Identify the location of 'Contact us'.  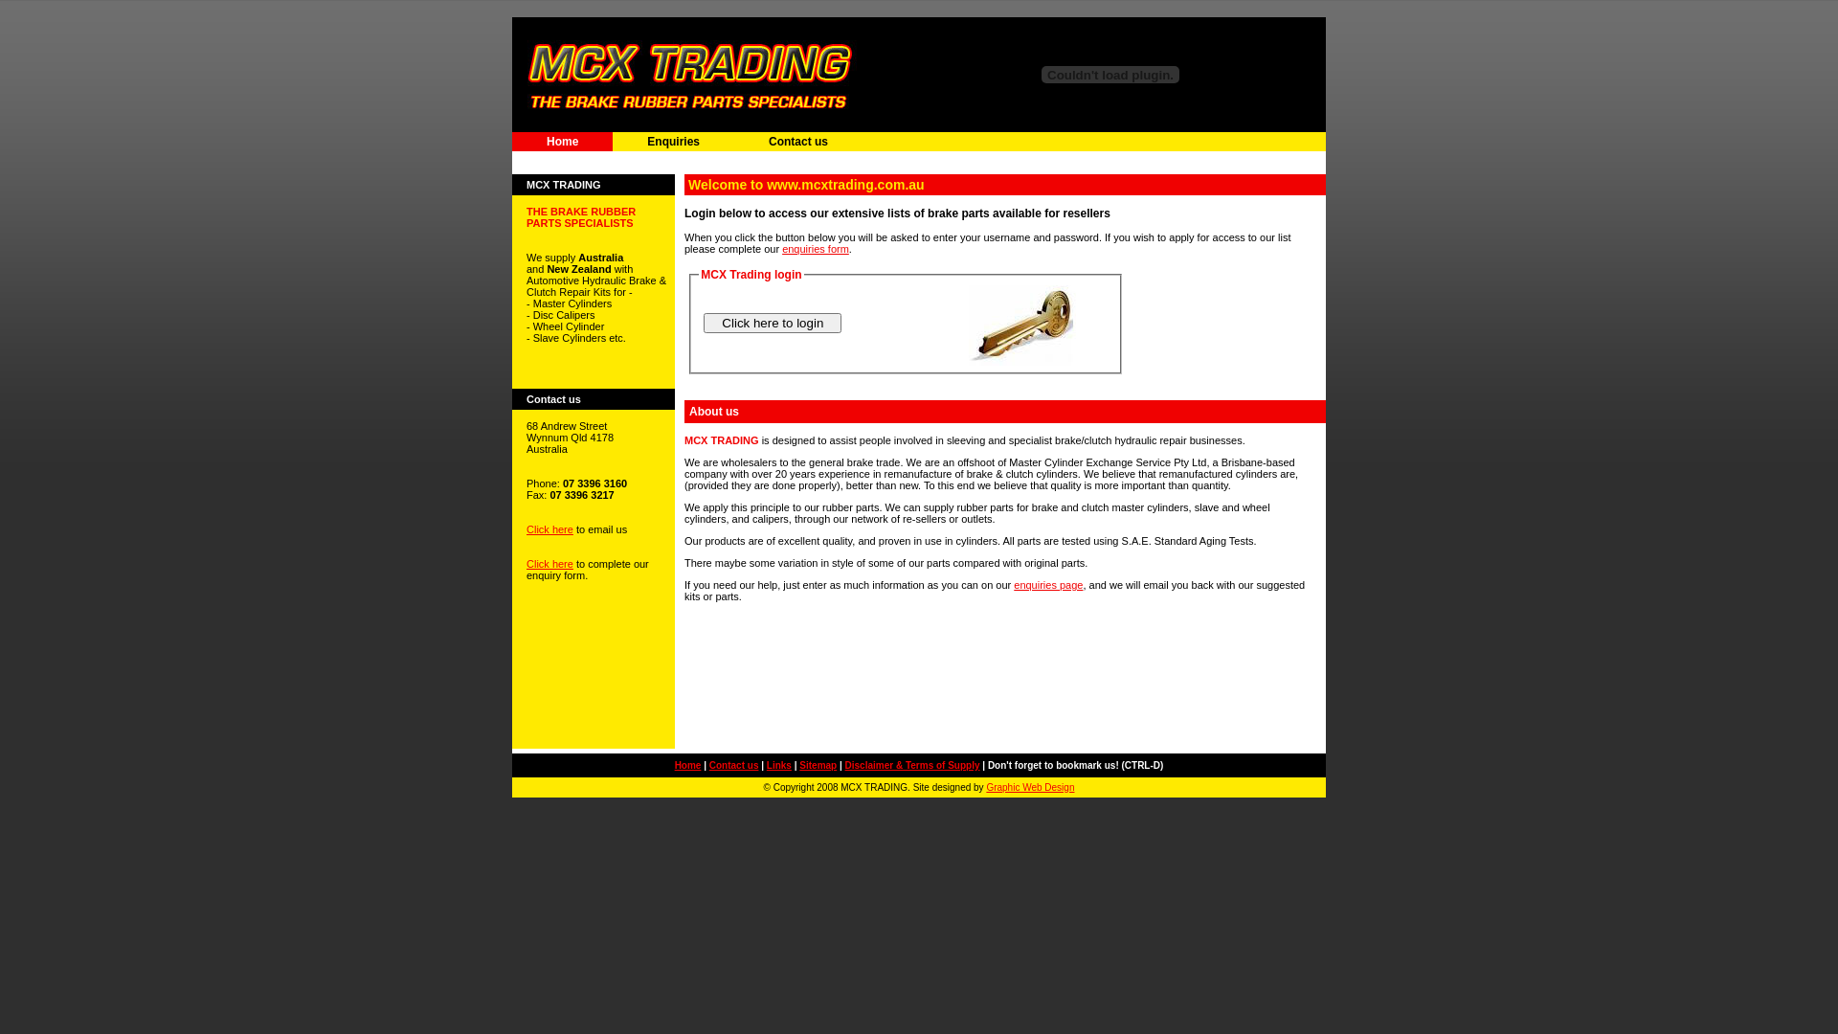
(733, 764).